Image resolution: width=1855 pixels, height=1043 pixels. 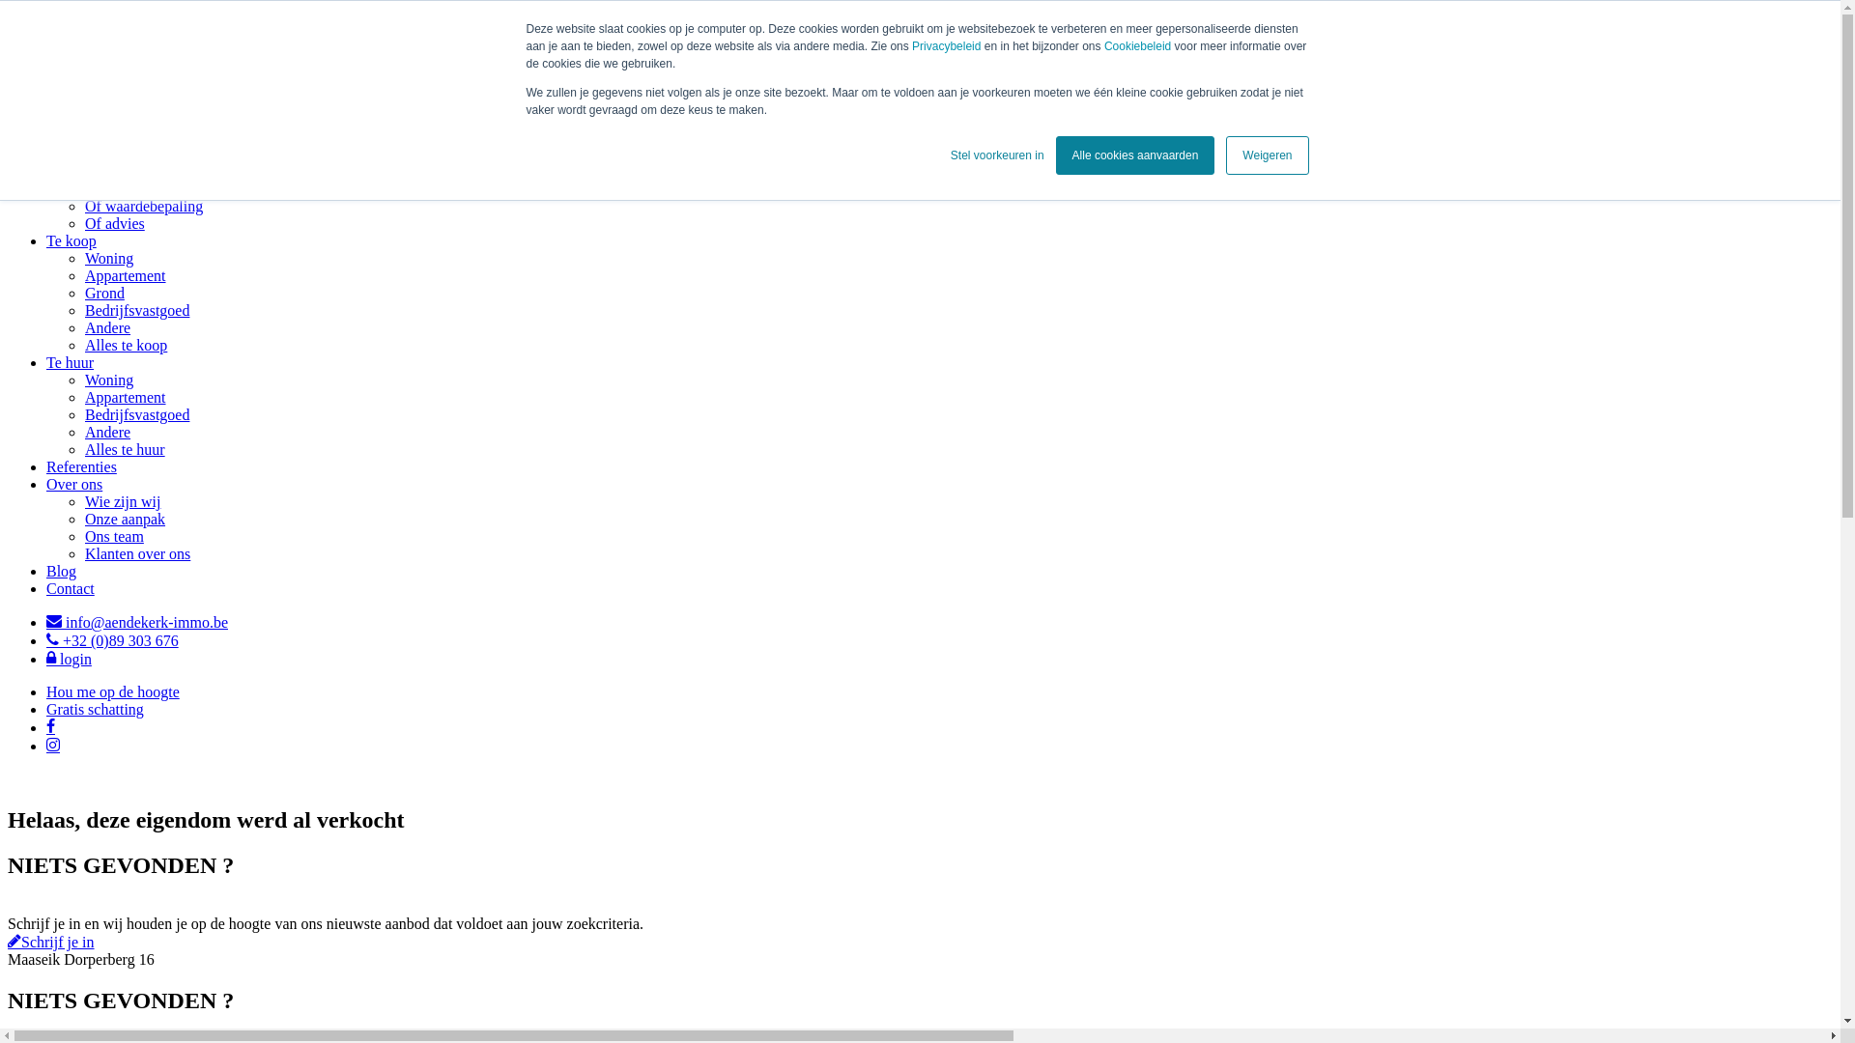 What do you see at coordinates (65, 135) in the screenshot?
I see `'Home'` at bounding box center [65, 135].